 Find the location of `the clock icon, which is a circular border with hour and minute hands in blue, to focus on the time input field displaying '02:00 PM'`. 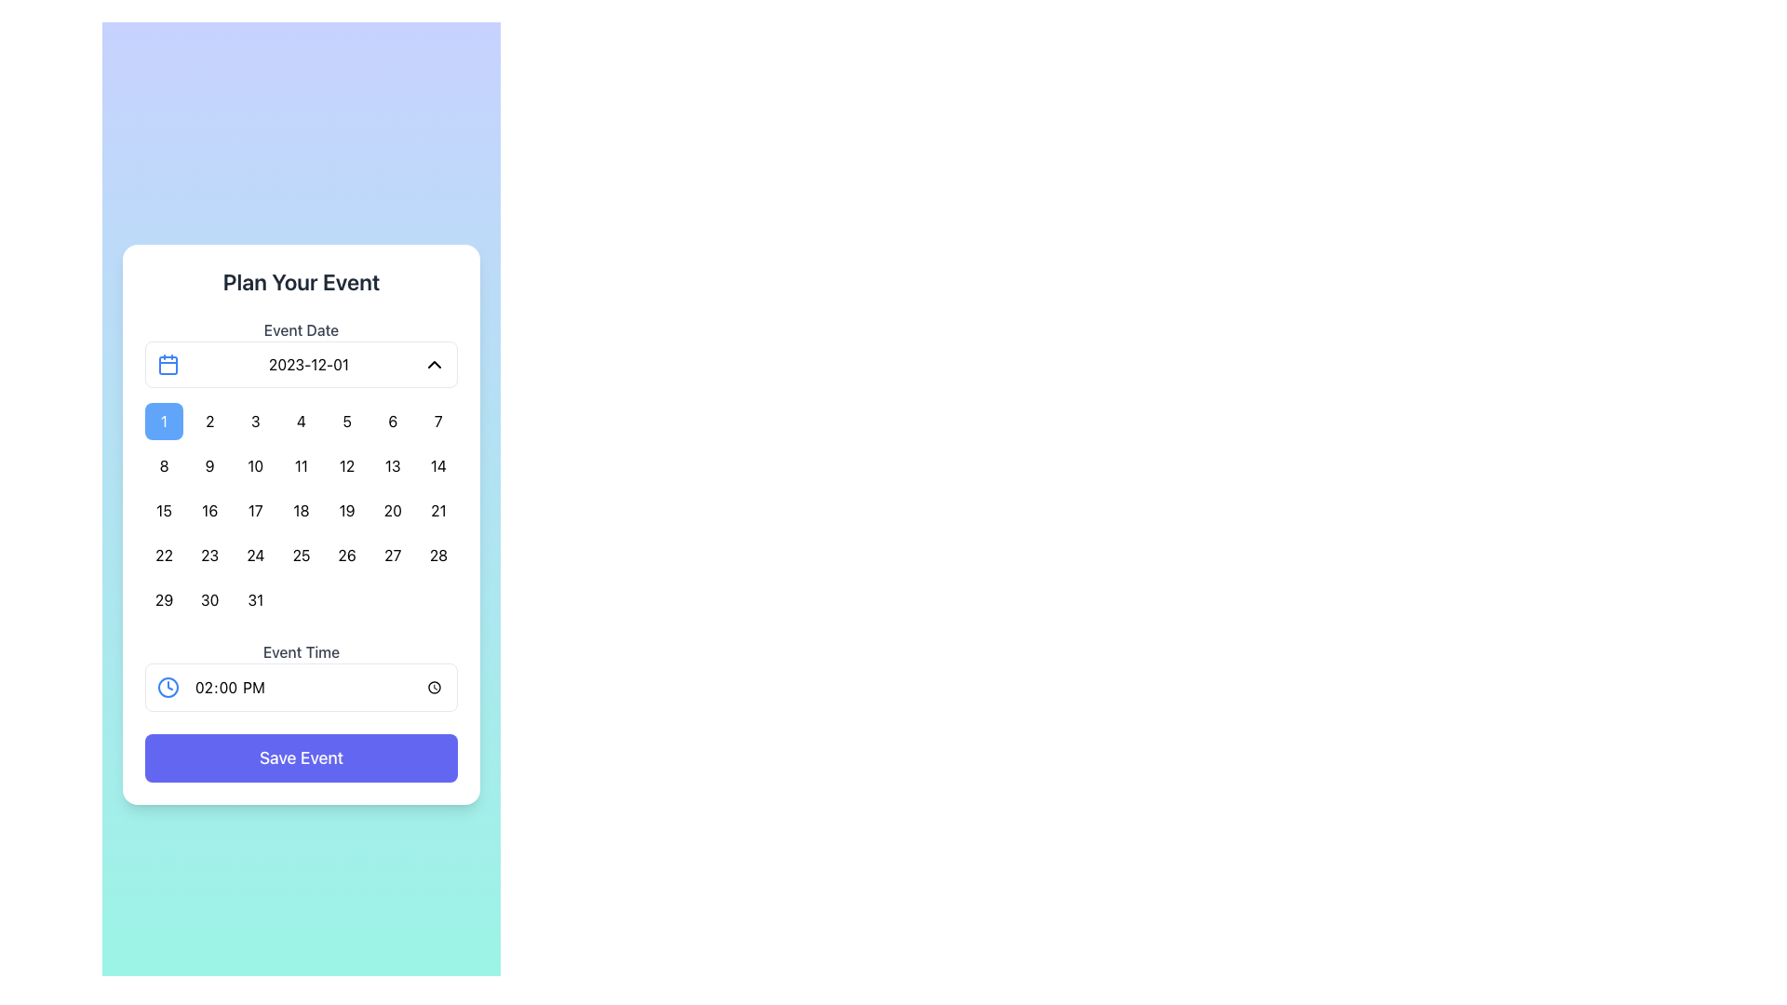

the clock icon, which is a circular border with hour and minute hands in blue, to focus on the time input field displaying '02:00 PM' is located at coordinates (168, 688).